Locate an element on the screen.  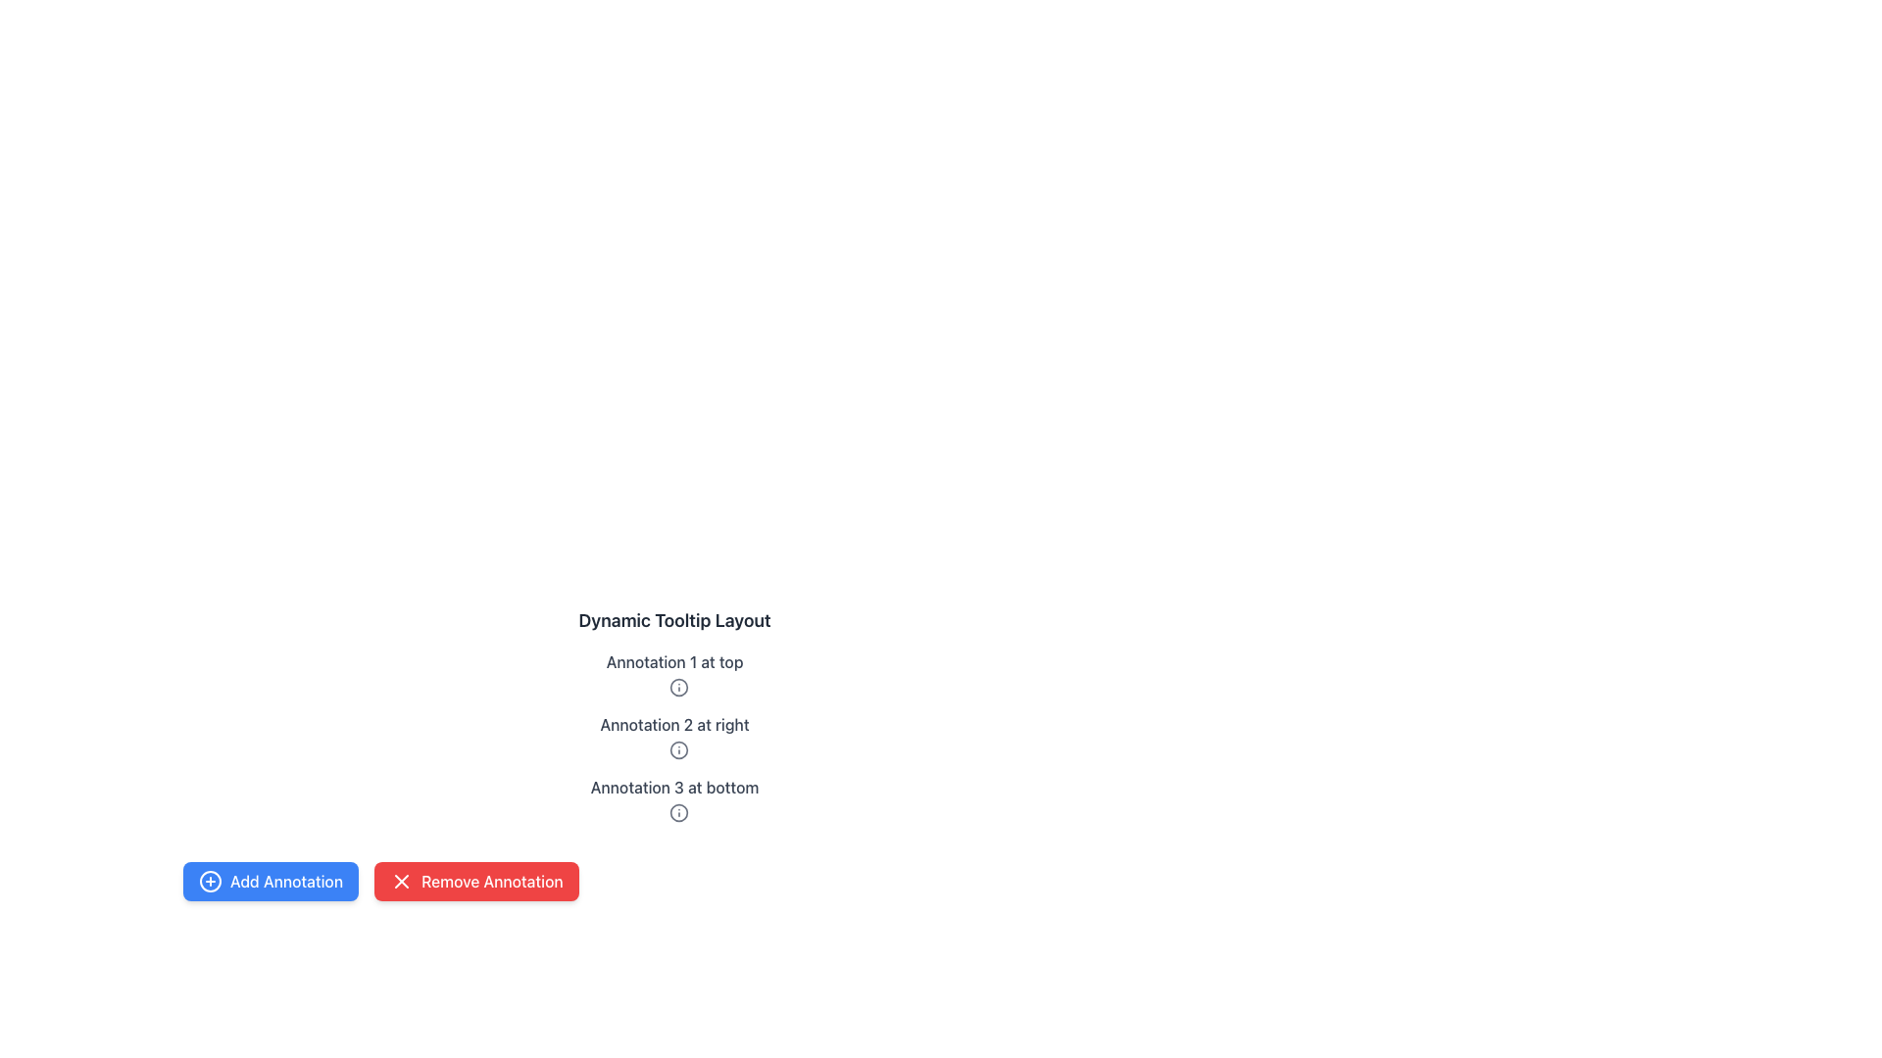
the Tooltip-enabled info icon associated with the text label 'Annotation 2 at right' is located at coordinates (674, 737).